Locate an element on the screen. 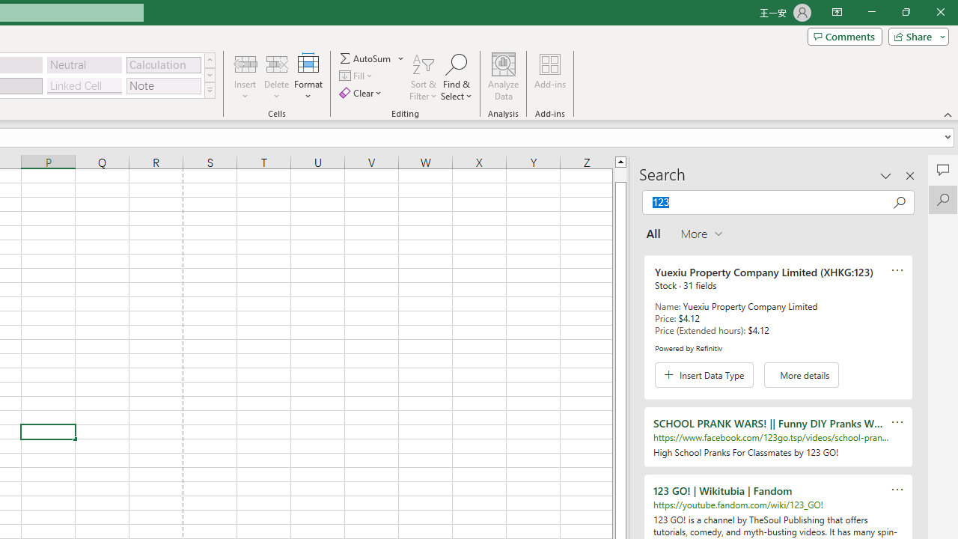 This screenshot has width=958, height=539. 'Sum' is located at coordinates (366, 58).